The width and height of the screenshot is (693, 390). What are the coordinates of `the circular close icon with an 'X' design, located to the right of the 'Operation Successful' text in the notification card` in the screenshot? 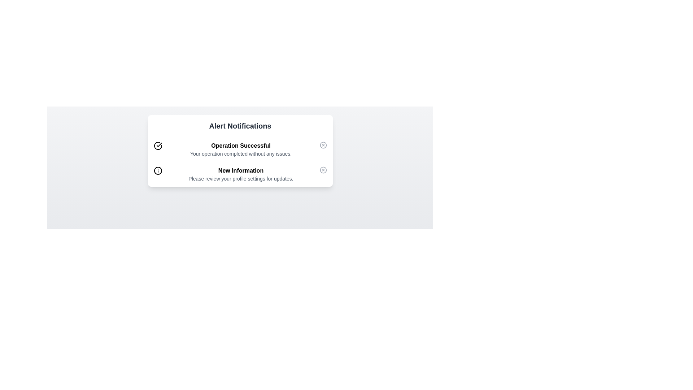 It's located at (323, 145).